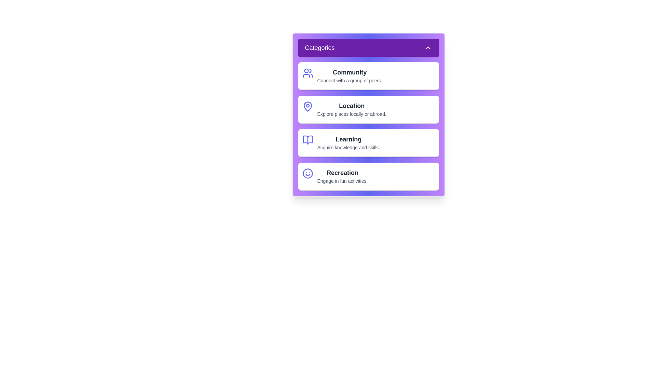  Describe the element at coordinates (368, 143) in the screenshot. I see `the category item Learning to interact with it` at that location.